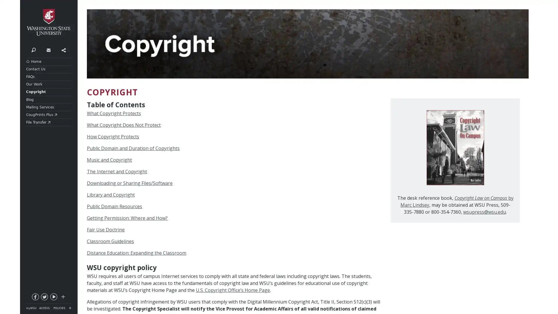 The image size is (558, 314). Describe the element at coordinates (48, 49) in the screenshot. I see `Contact` at that location.